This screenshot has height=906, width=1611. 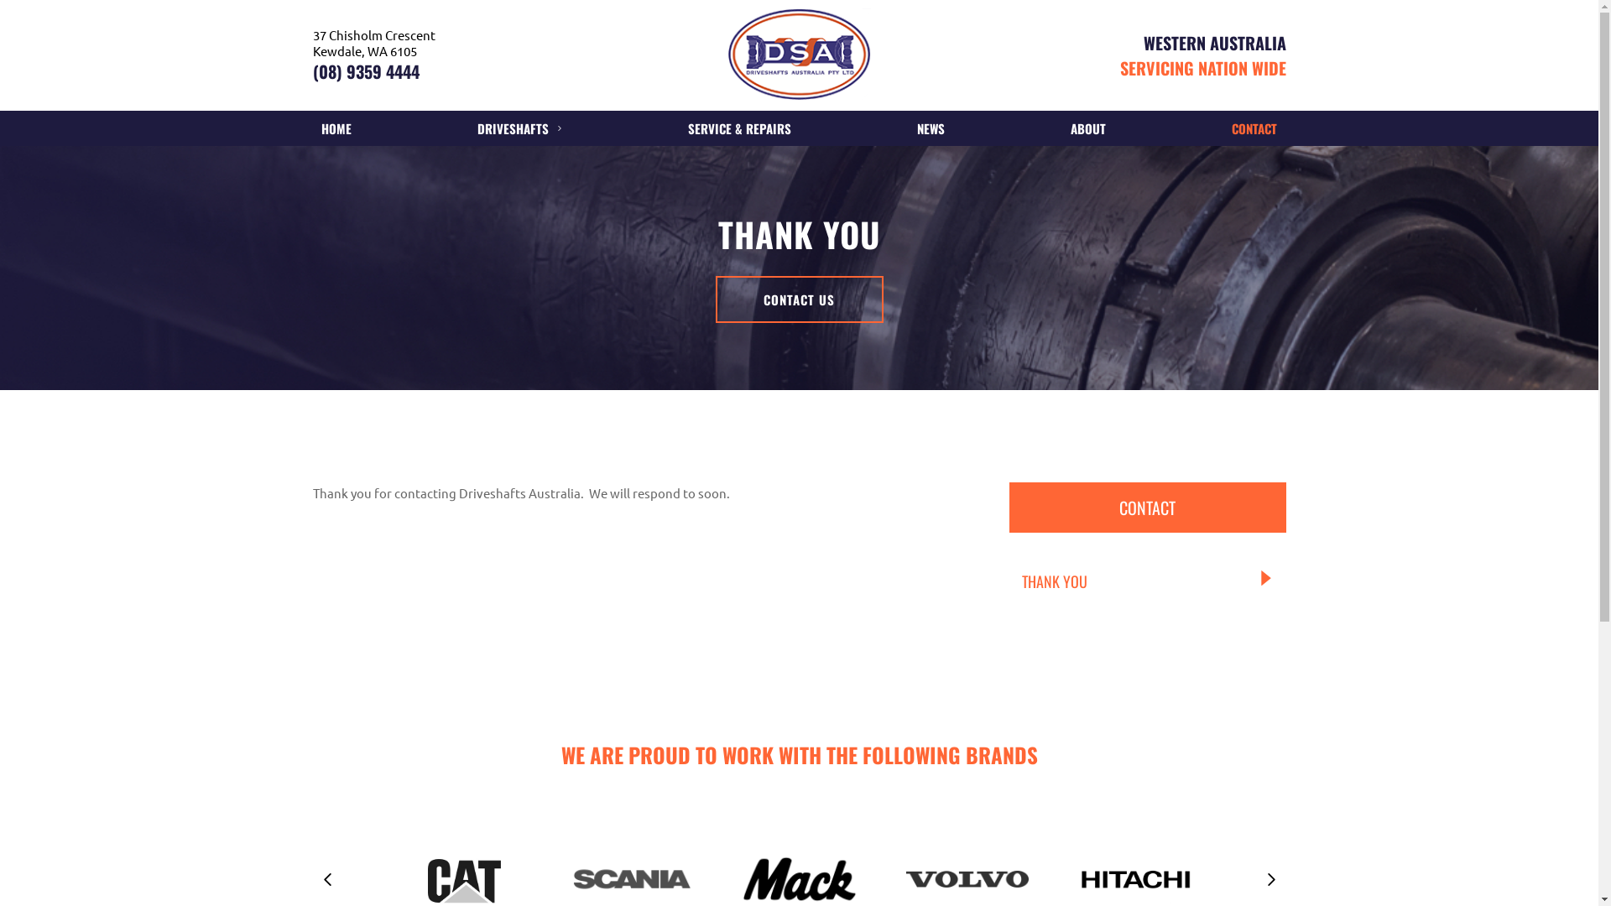 I want to click on 'HOME', so click(x=335, y=128).